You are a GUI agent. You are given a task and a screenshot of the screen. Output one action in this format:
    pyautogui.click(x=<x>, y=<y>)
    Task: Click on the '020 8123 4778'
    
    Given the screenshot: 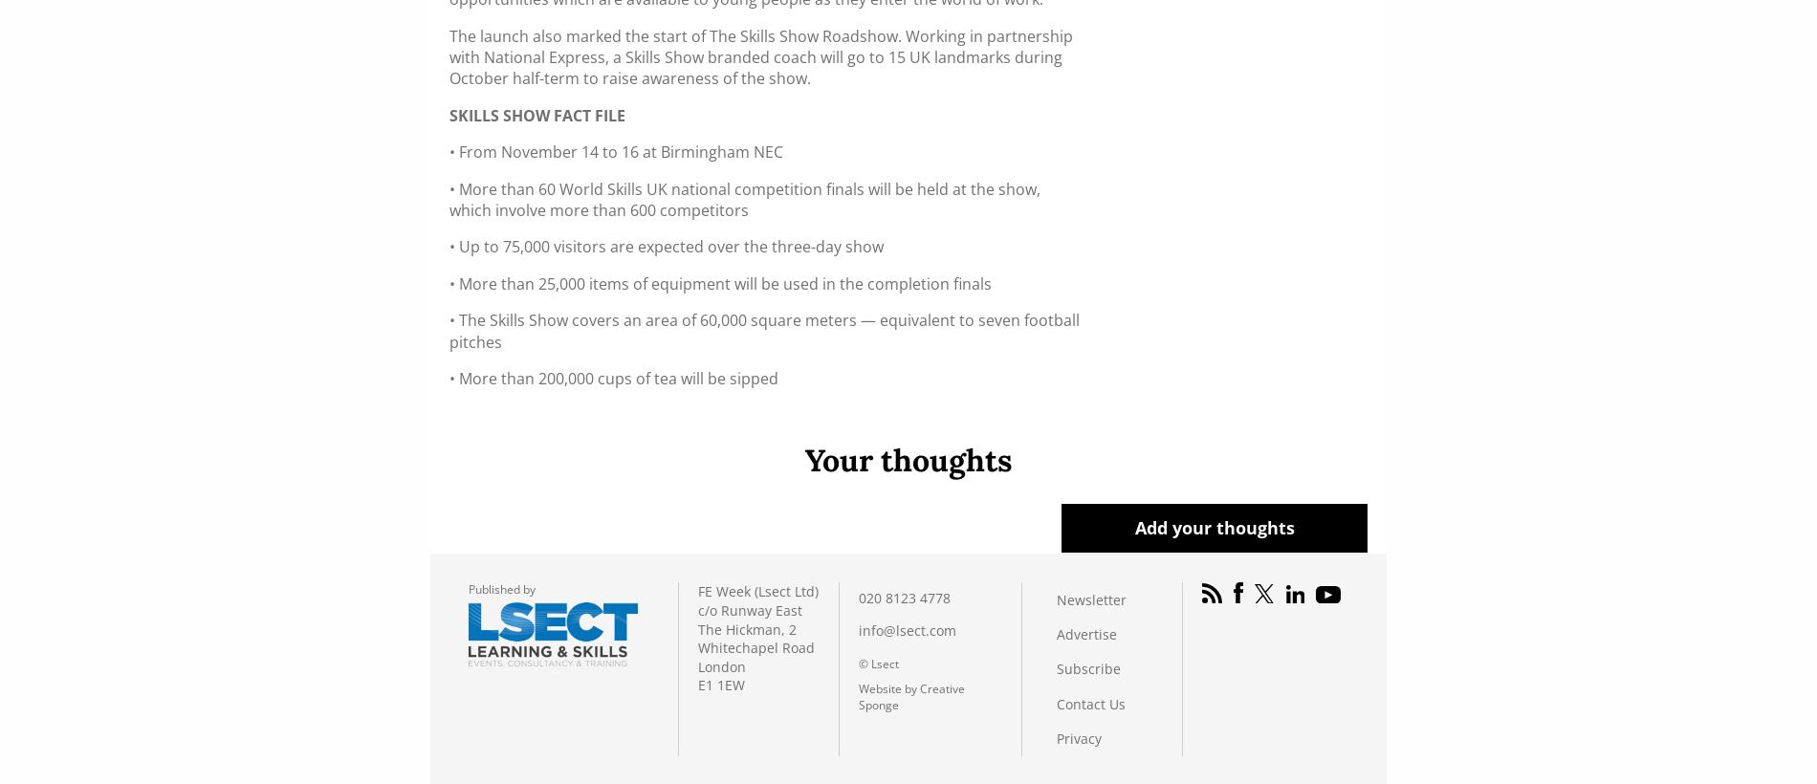 What is the action you would take?
    pyautogui.click(x=903, y=597)
    